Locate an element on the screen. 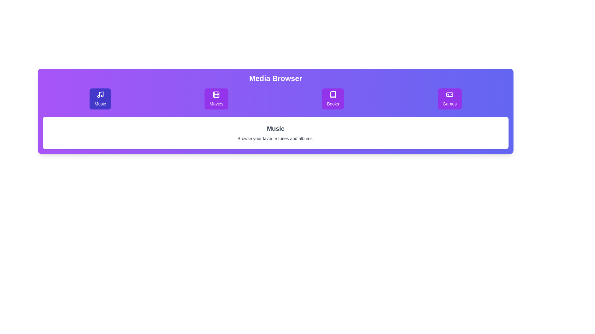 This screenshot has height=334, width=595. the 'Movies' section icon, which visually indicates its purpose on the interface, positioned above the text label 'Movies' is located at coordinates (216, 94).